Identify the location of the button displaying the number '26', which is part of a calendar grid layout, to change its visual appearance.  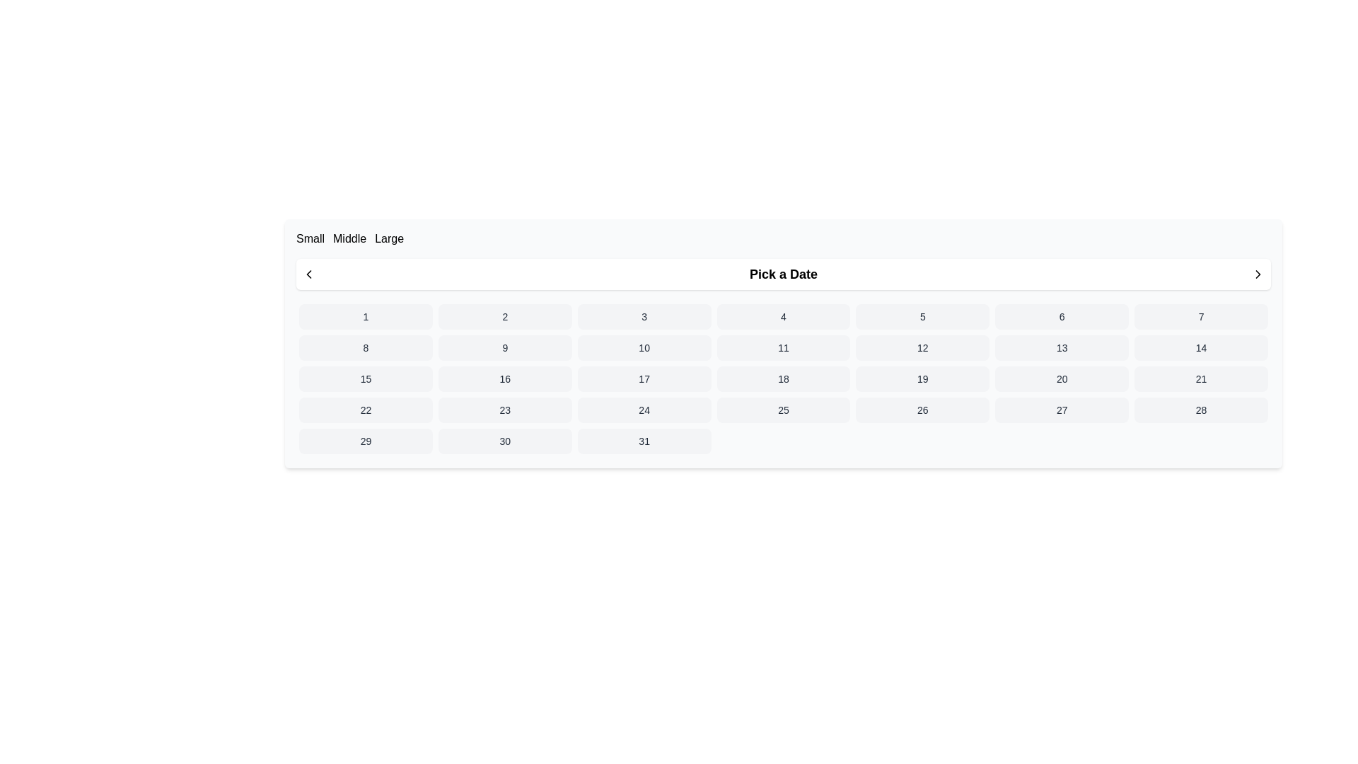
(922, 410).